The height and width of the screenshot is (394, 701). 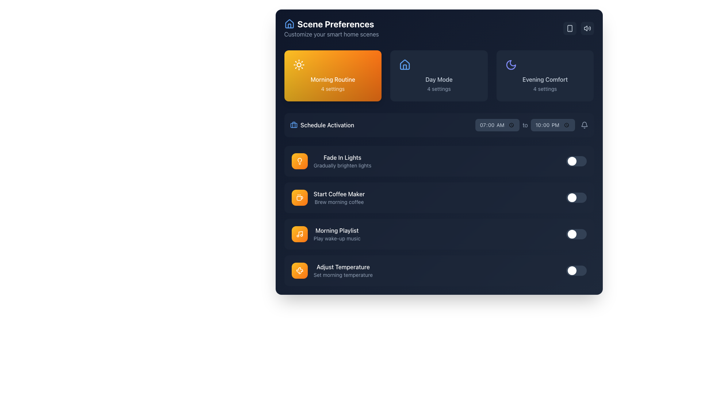 What do you see at coordinates (510, 64) in the screenshot?
I see `the crescent moon icon in light indigo located at the top-left corner of the 'Evening Comfort' card, above the label and description` at bounding box center [510, 64].